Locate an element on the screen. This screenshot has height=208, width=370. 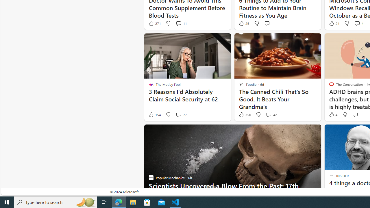
'4 Like' is located at coordinates (333, 115).